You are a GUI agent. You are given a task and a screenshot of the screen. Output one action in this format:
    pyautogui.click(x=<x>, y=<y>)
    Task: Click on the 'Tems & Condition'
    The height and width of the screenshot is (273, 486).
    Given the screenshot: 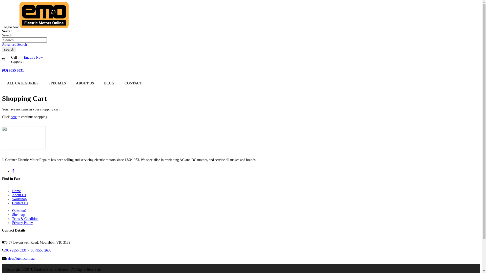 What is the action you would take?
    pyautogui.click(x=25, y=218)
    